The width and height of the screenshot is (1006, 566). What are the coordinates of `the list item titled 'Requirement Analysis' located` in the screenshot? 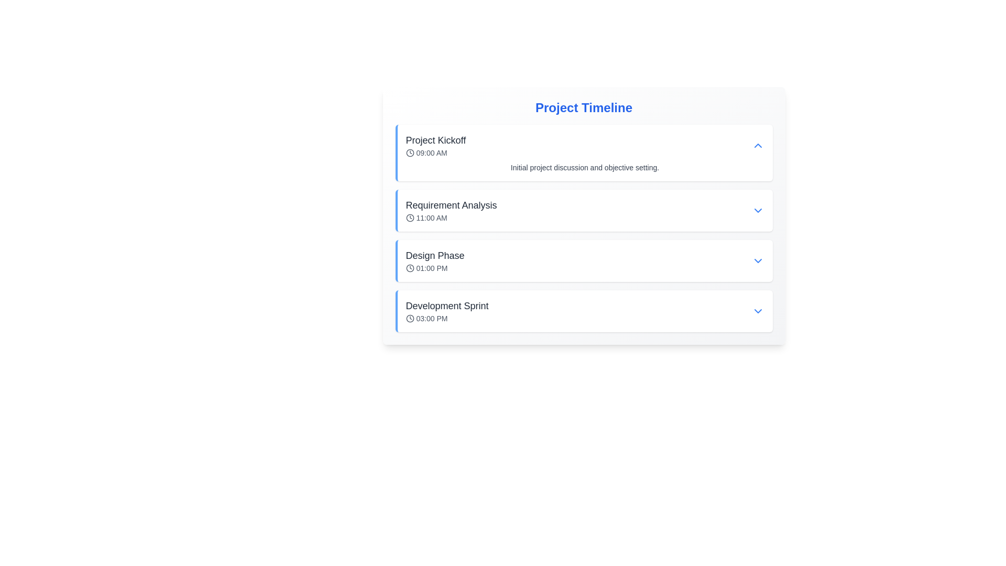 It's located at (451, 210).